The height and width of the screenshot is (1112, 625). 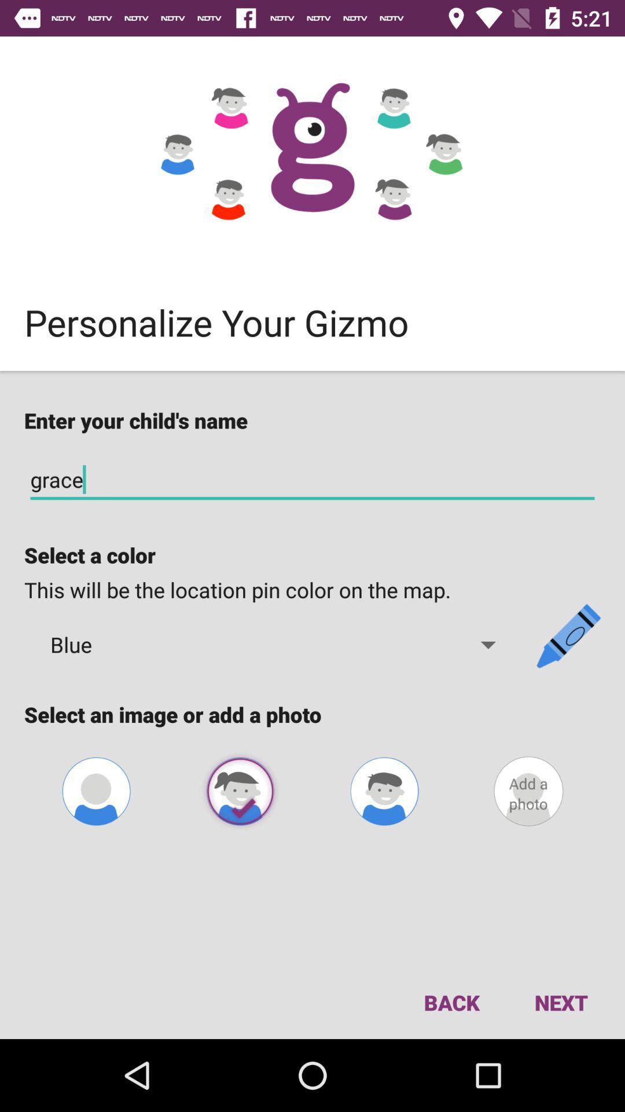 What do you see at coordinates (240, 791) in the screenshot?
I see `the avatar icon` at bounding box center [240, 791].